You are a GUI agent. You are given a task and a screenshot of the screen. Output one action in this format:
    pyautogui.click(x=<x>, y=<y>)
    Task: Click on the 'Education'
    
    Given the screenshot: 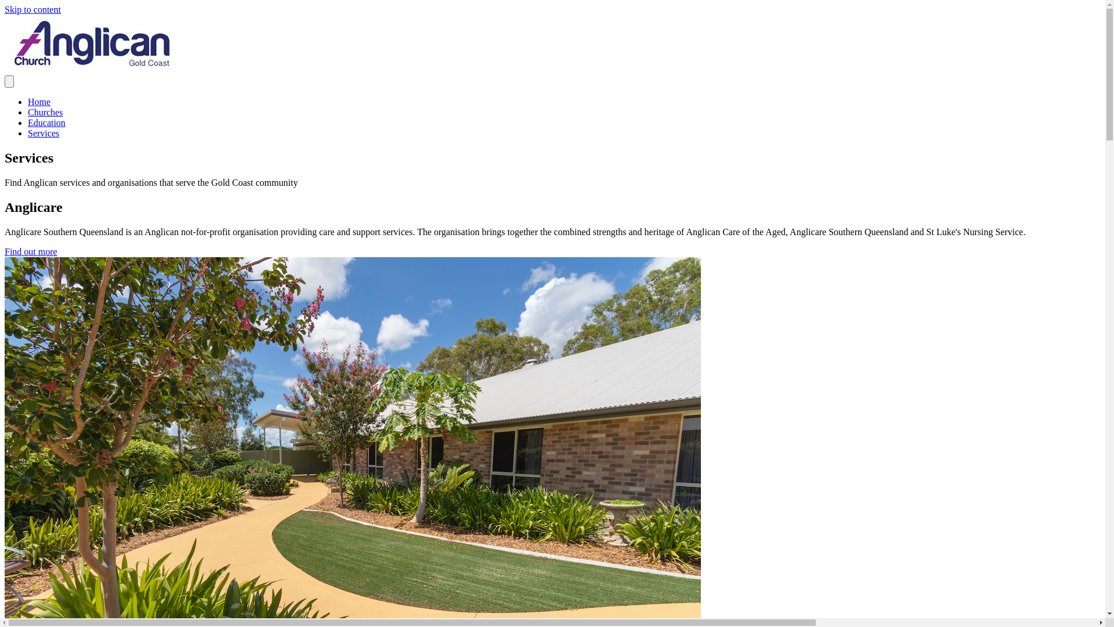 What is the action you would take?
    pyautogui.click(x=46, y=122)
    